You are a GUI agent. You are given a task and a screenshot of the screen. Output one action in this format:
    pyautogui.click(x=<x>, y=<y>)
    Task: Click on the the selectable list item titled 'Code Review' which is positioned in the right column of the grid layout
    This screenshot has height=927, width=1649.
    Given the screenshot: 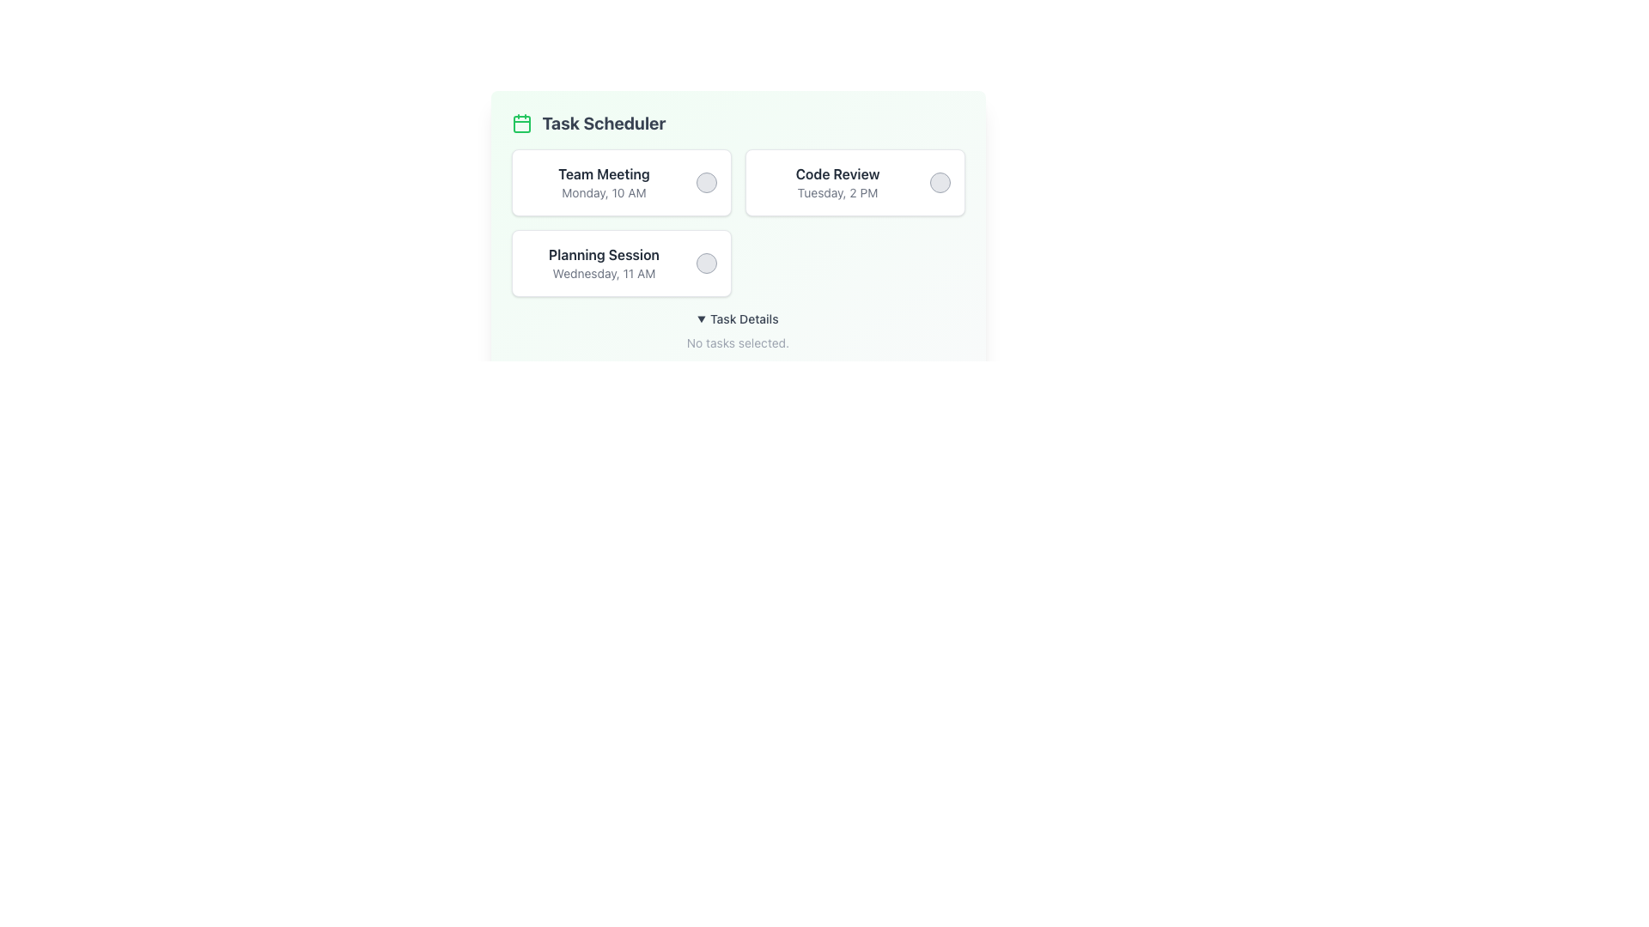 What is the action you would take?
    pyautogui.click(x=855, y=182)
    